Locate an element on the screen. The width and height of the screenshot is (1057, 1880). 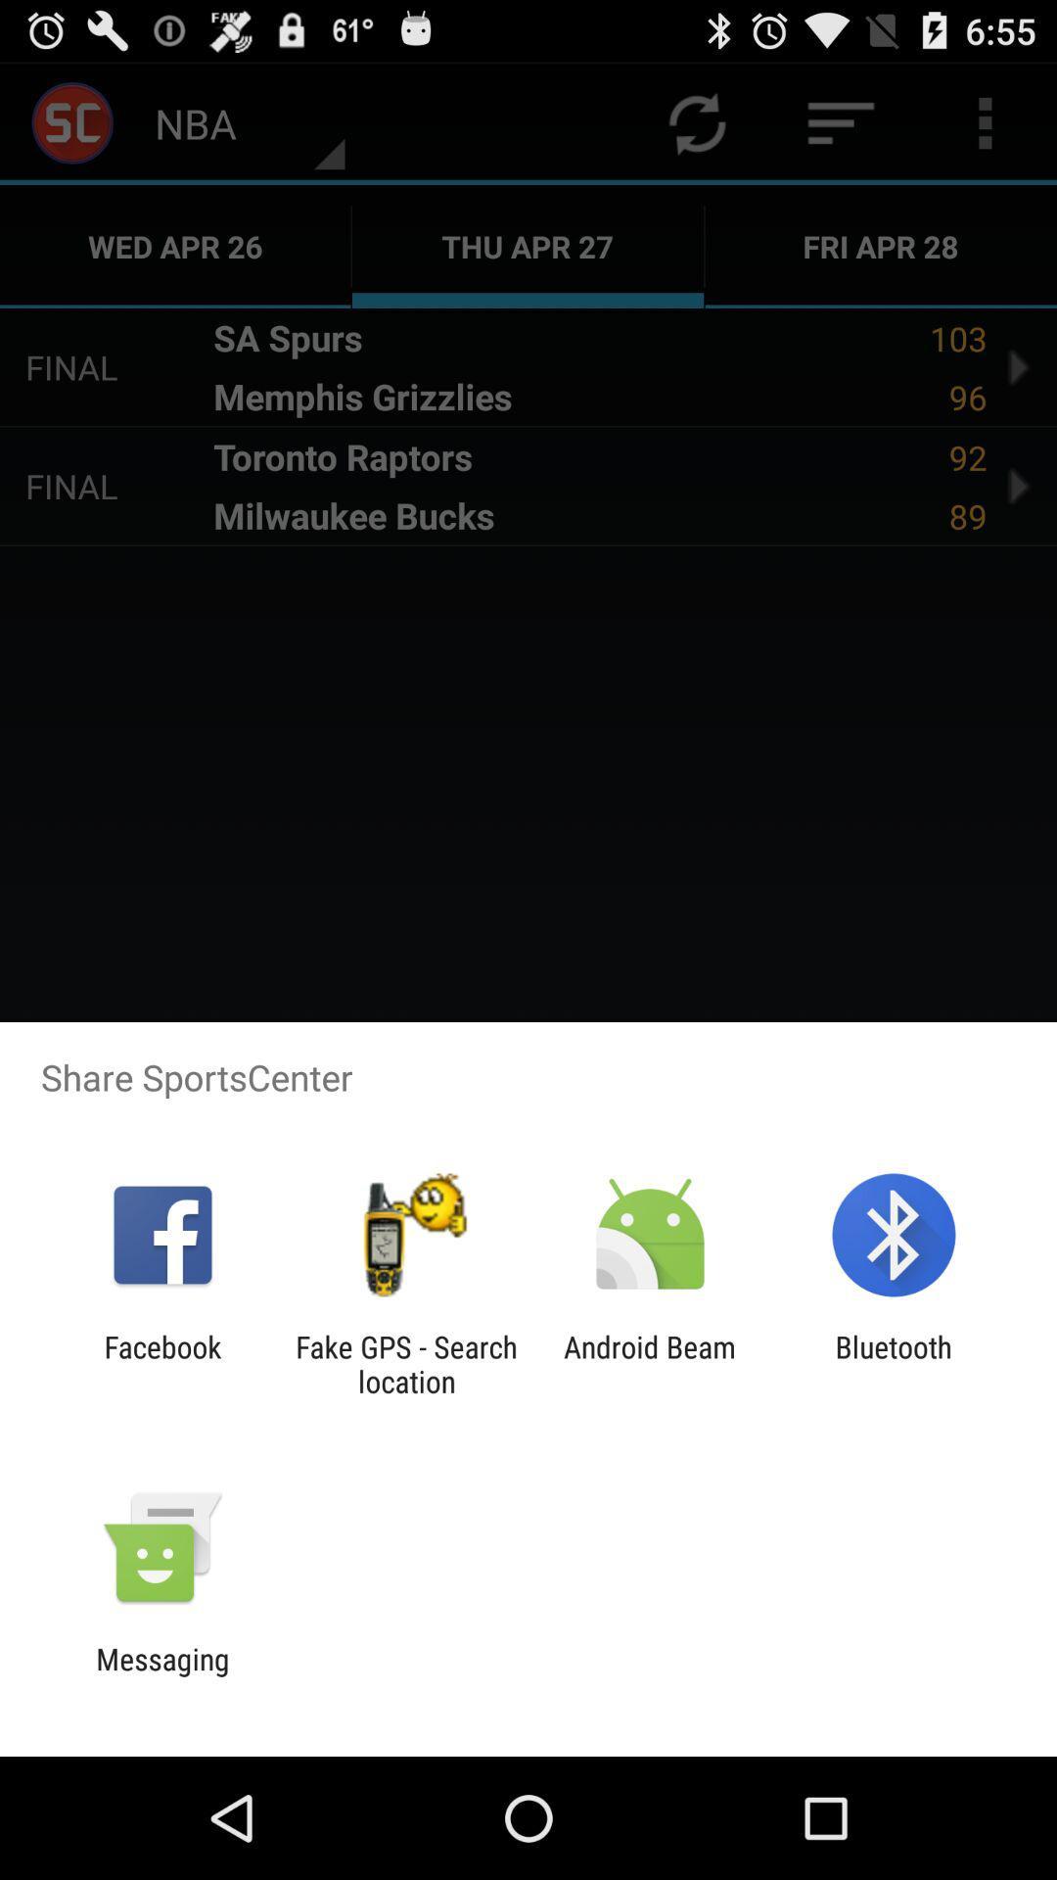
android beam item is located at coordinates (650, 1363).